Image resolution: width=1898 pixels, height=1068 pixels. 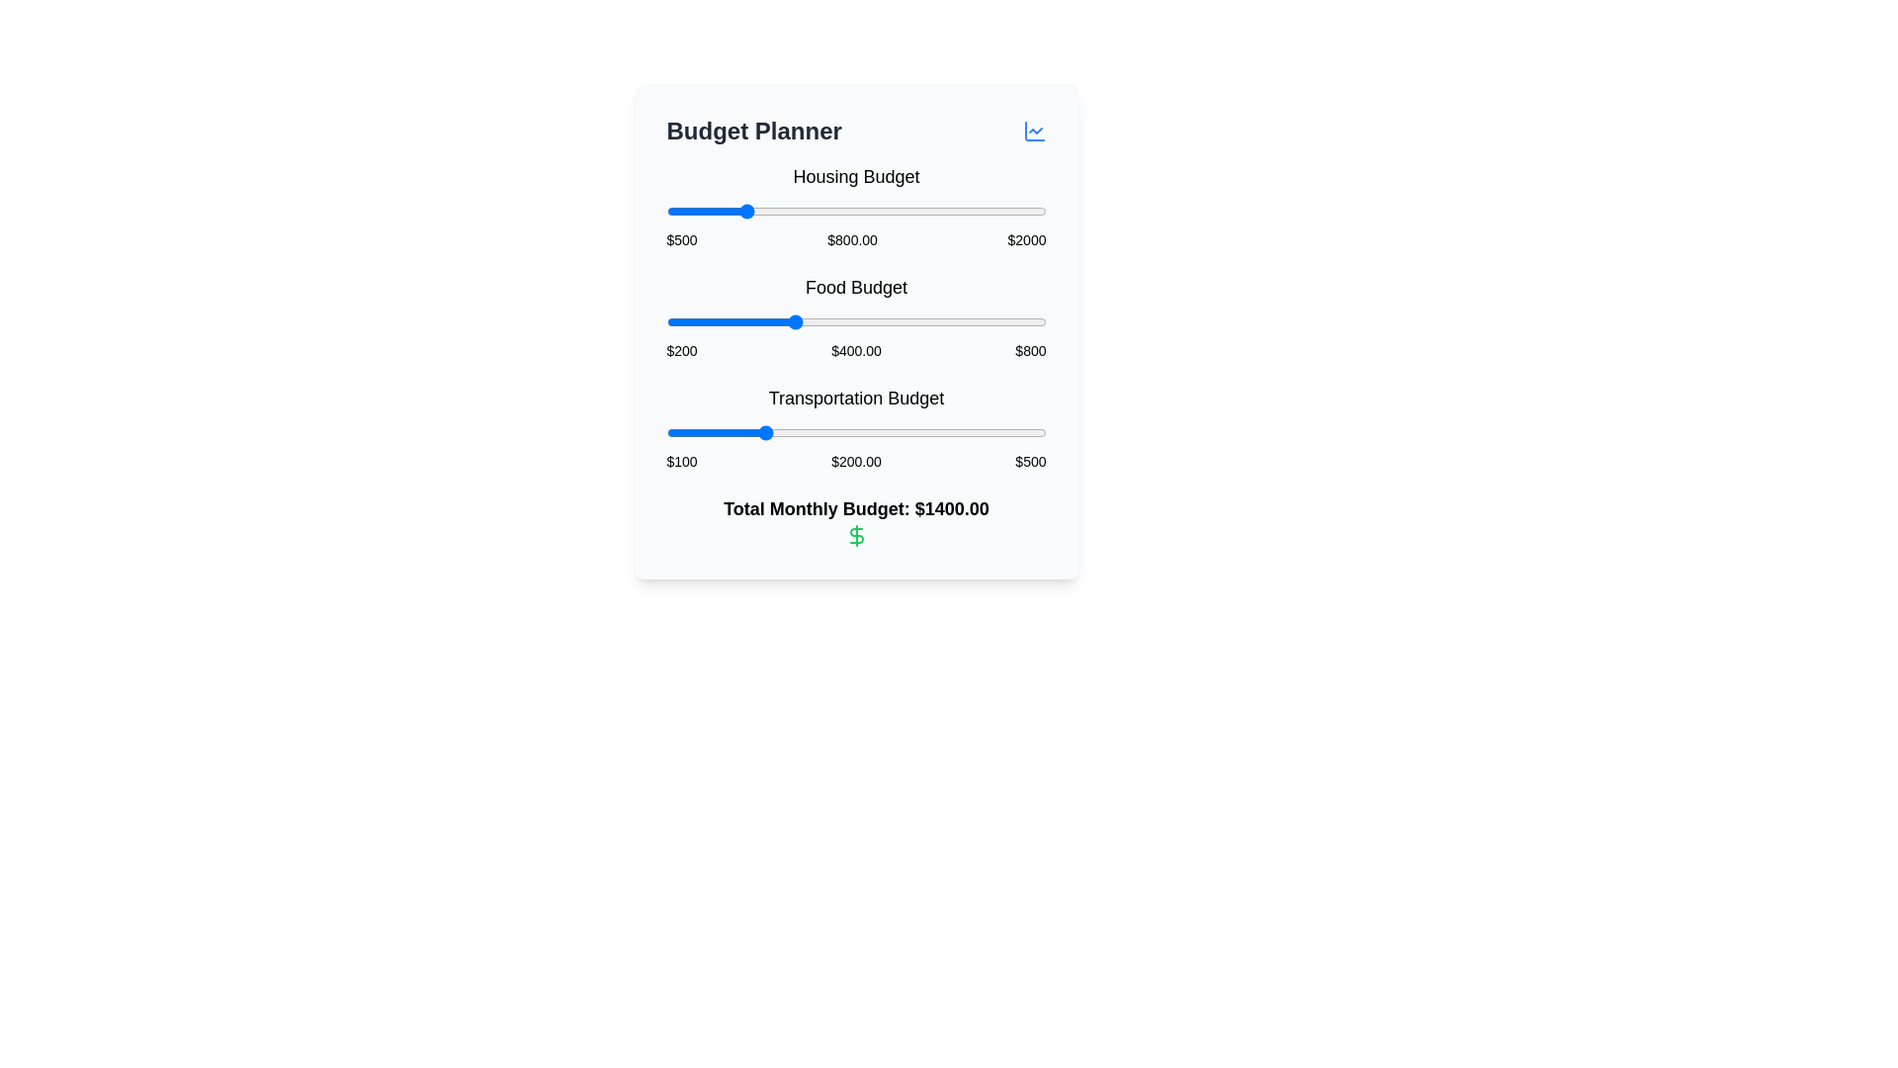 What do you see at coordinates (962, 321) in the screenshot?
I see `the Food Budget slider` at bounding box center [962, 321].